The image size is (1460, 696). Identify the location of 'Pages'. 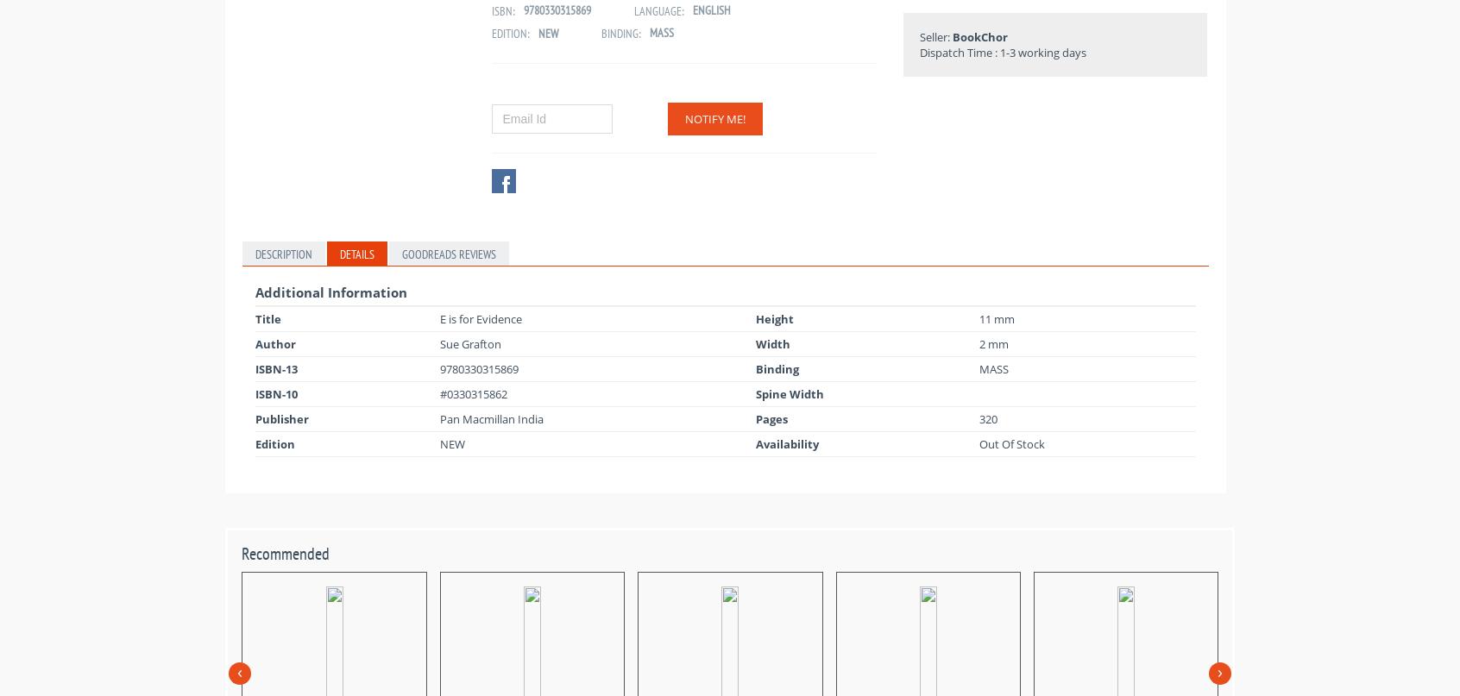
(771, 418).